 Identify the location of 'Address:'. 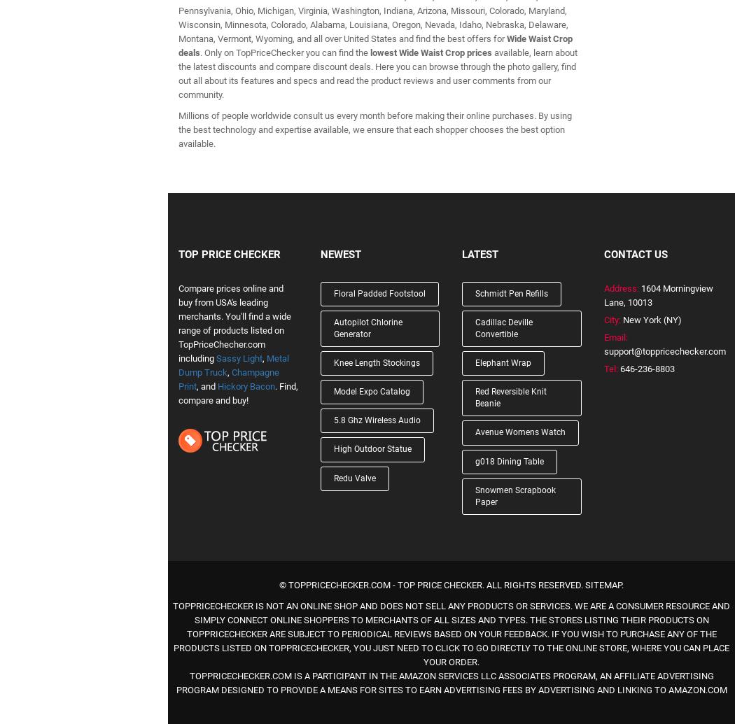
(620, 288).